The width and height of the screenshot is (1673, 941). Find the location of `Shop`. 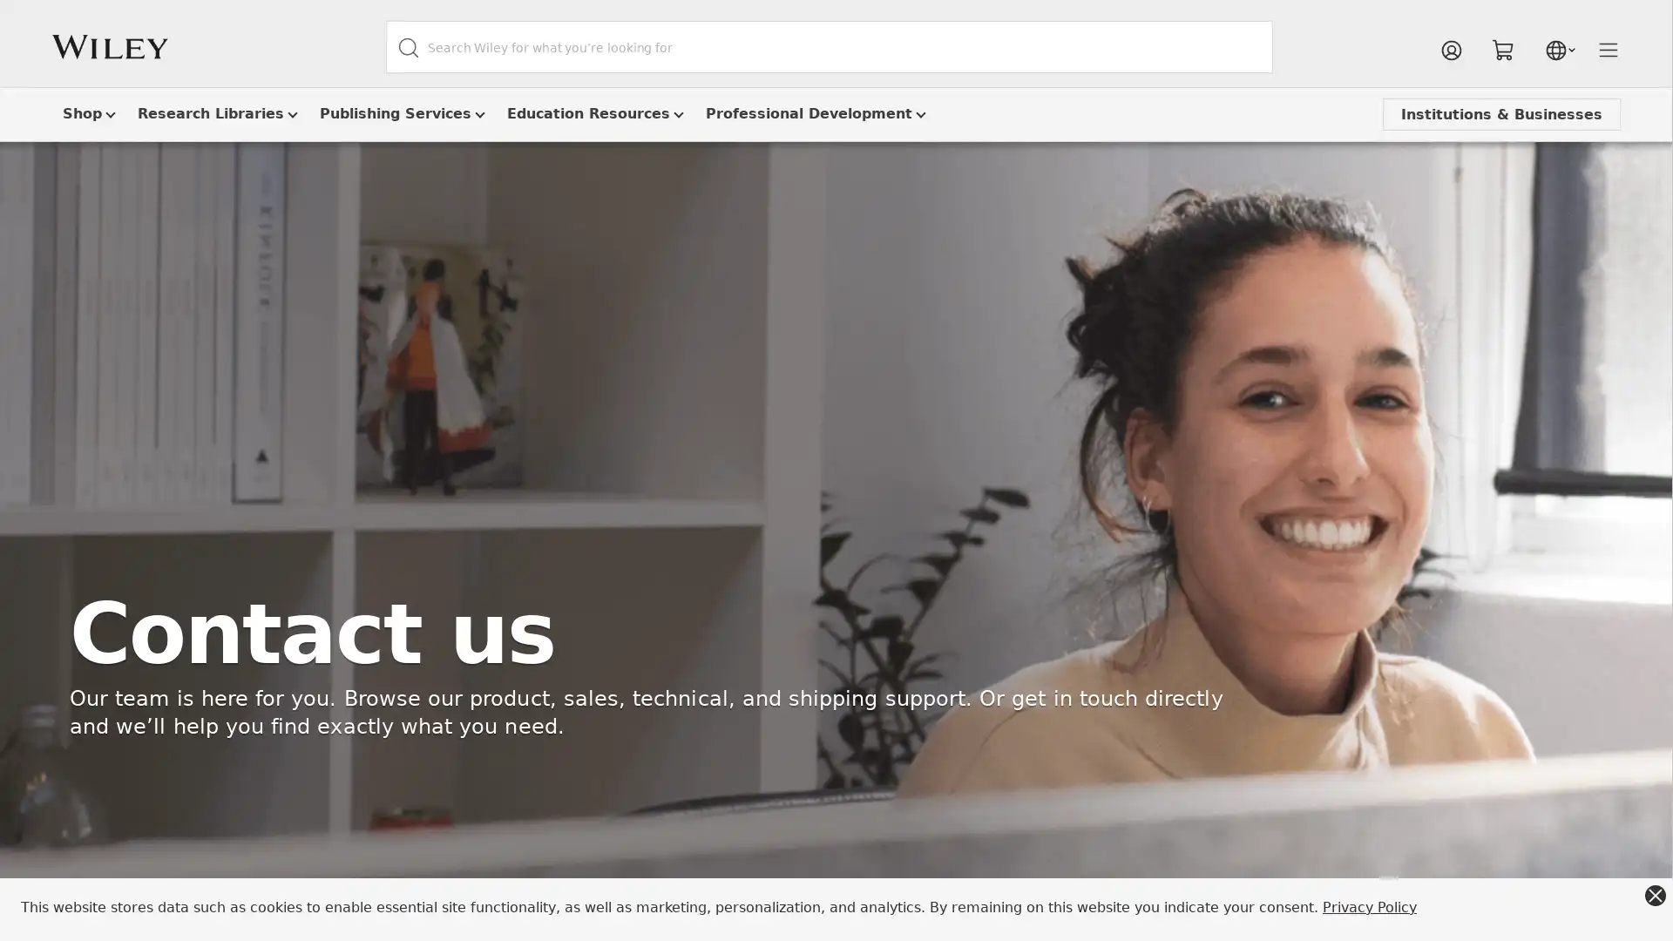

Shop is located at coordinates (86, 113).